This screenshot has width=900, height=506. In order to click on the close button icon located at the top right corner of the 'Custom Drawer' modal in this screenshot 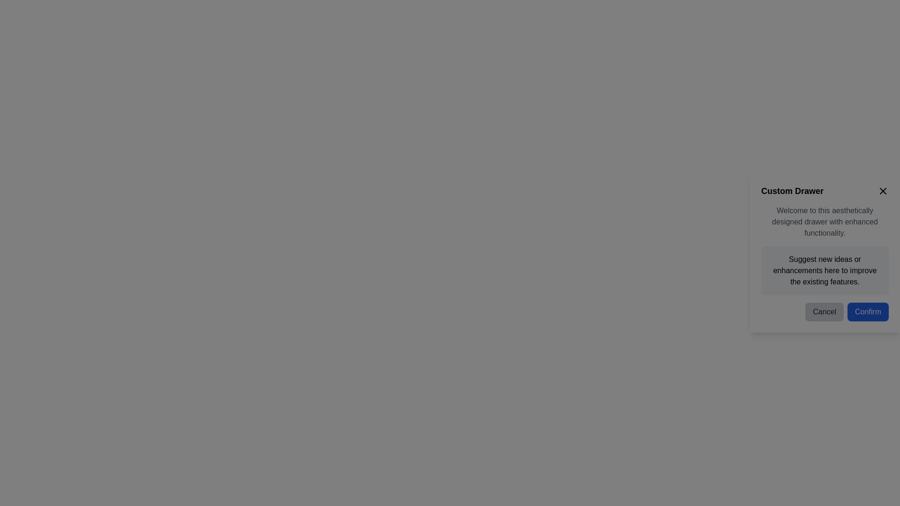, I will do `click(882, 191)`.